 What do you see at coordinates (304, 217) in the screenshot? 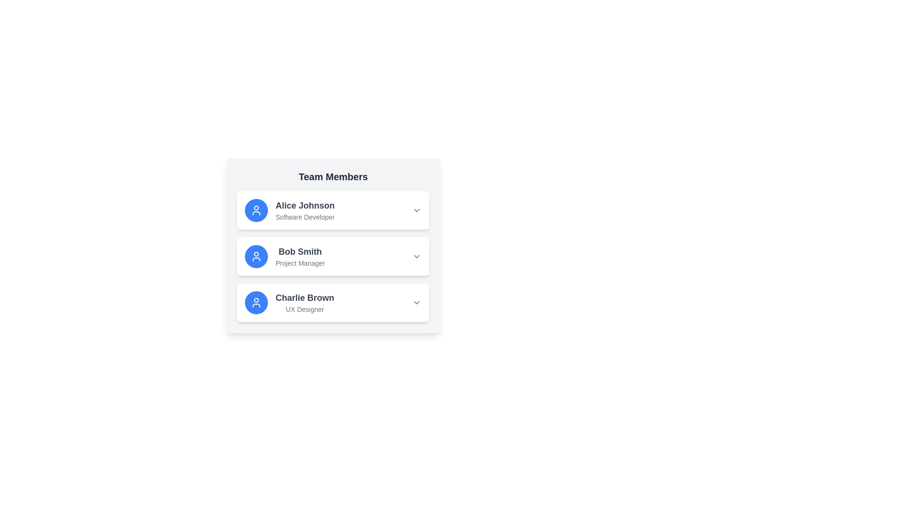
I see `the text label displaying 'Software Developer' which is located directly beneath 'Alice Johnson'` at bounding box center [304, 217].